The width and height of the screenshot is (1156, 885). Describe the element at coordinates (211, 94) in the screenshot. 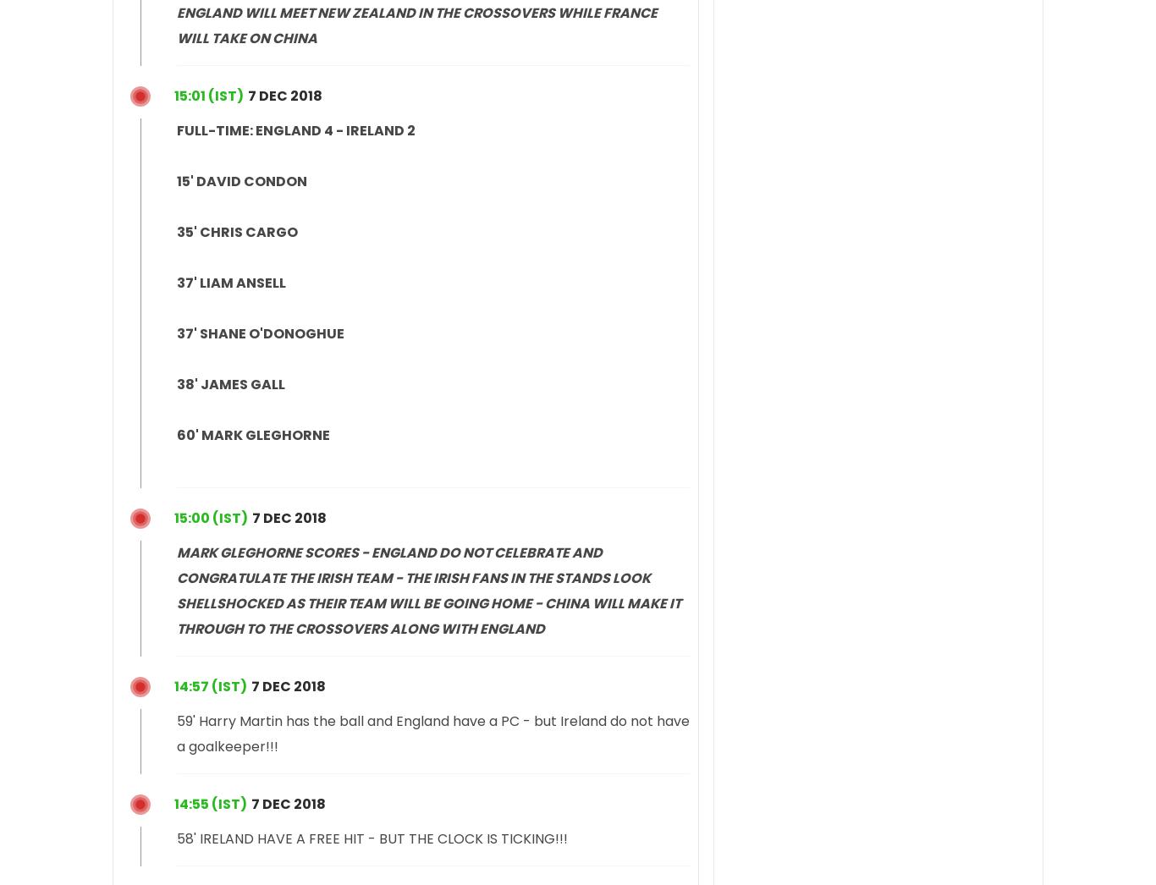

I see `'20:31 (IST)'` at that location.